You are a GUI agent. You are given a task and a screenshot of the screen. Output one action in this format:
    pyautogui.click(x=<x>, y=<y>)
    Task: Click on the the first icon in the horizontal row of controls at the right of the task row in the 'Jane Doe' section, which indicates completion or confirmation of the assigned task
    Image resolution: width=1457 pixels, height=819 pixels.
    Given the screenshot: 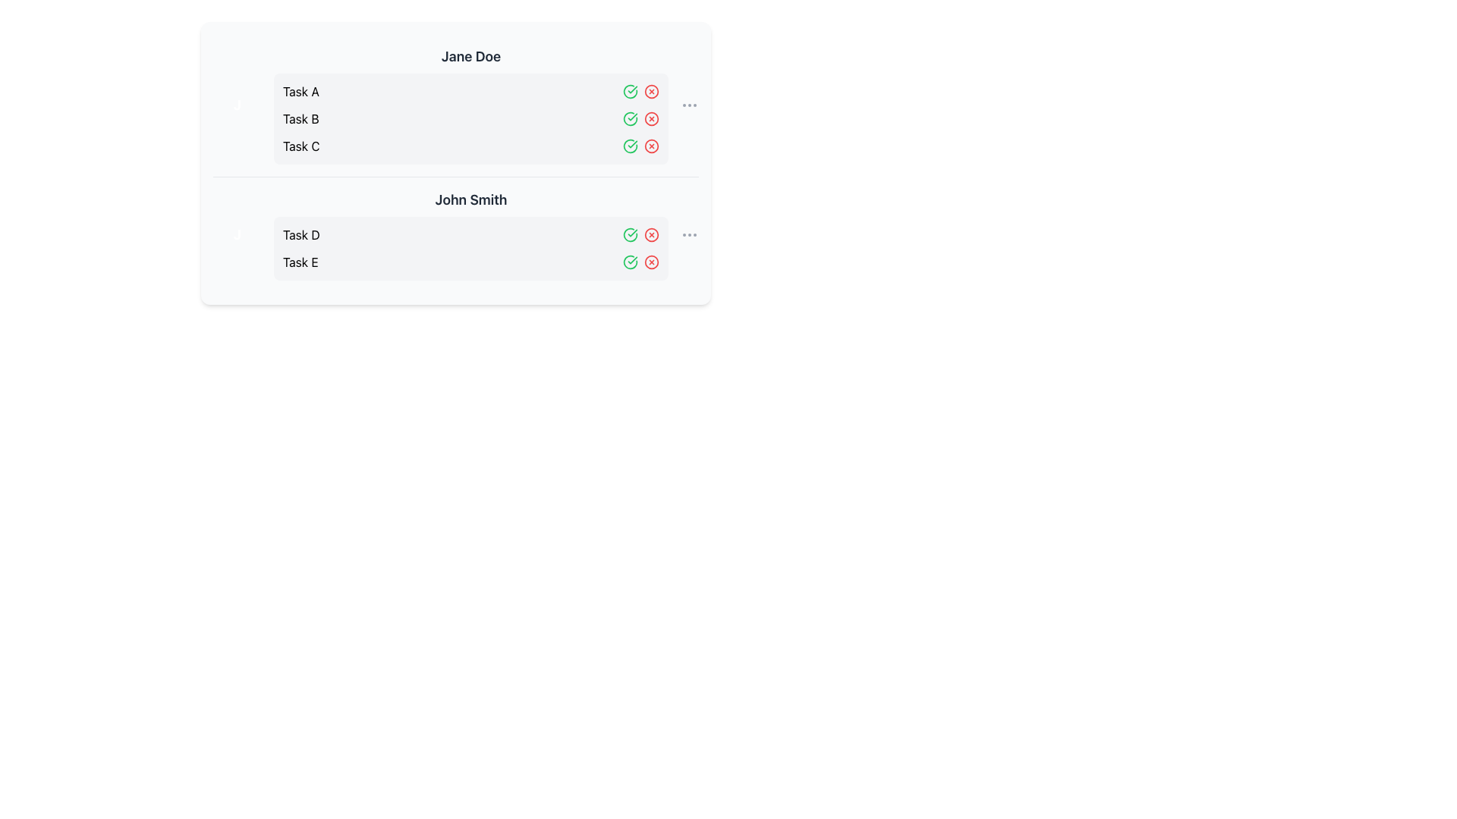 What is the action you would take?
    pyautogui.click(x=630, y=118)
    